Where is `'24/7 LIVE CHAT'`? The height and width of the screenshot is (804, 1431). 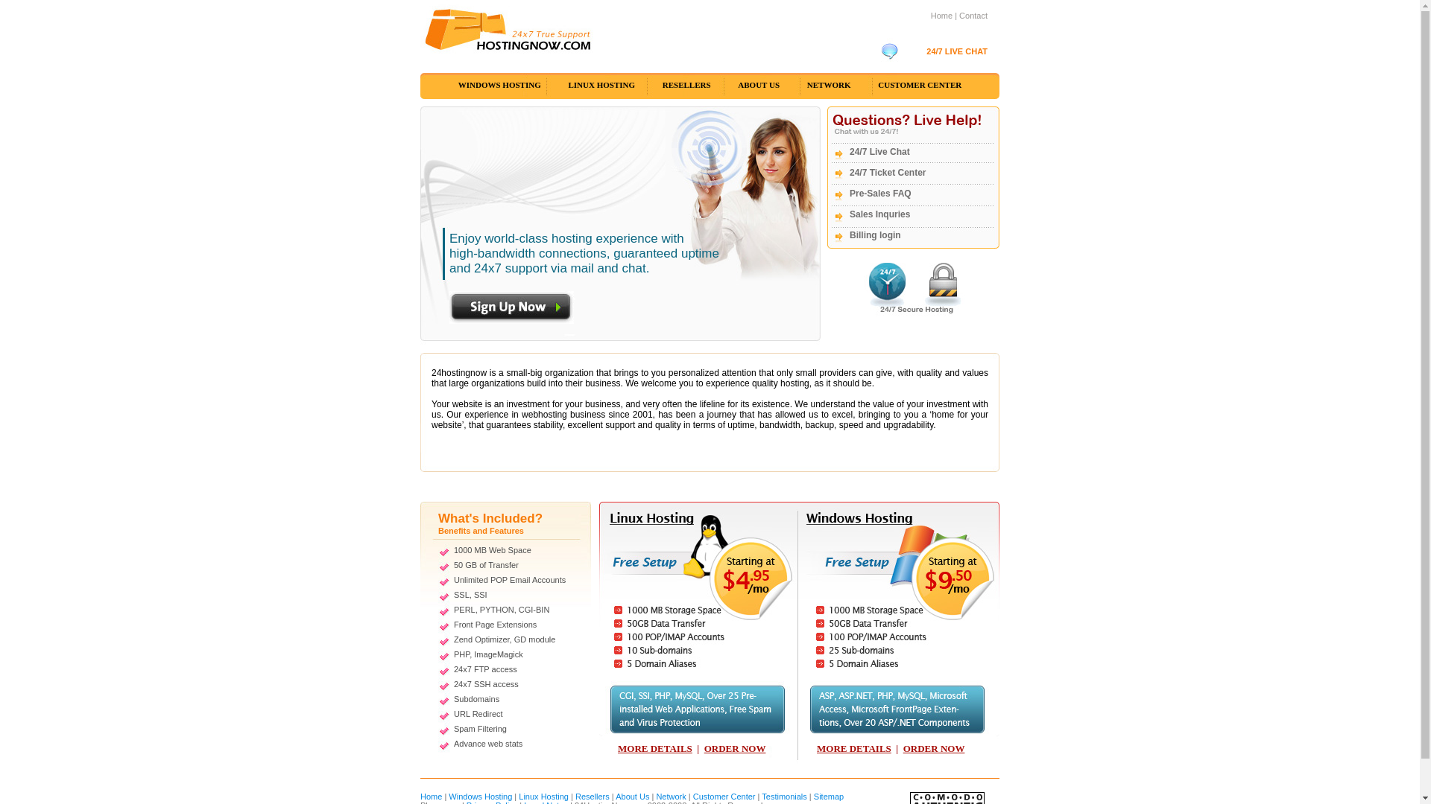
'24/7 LIVE CHAT' is located at coordinates (956, 51).